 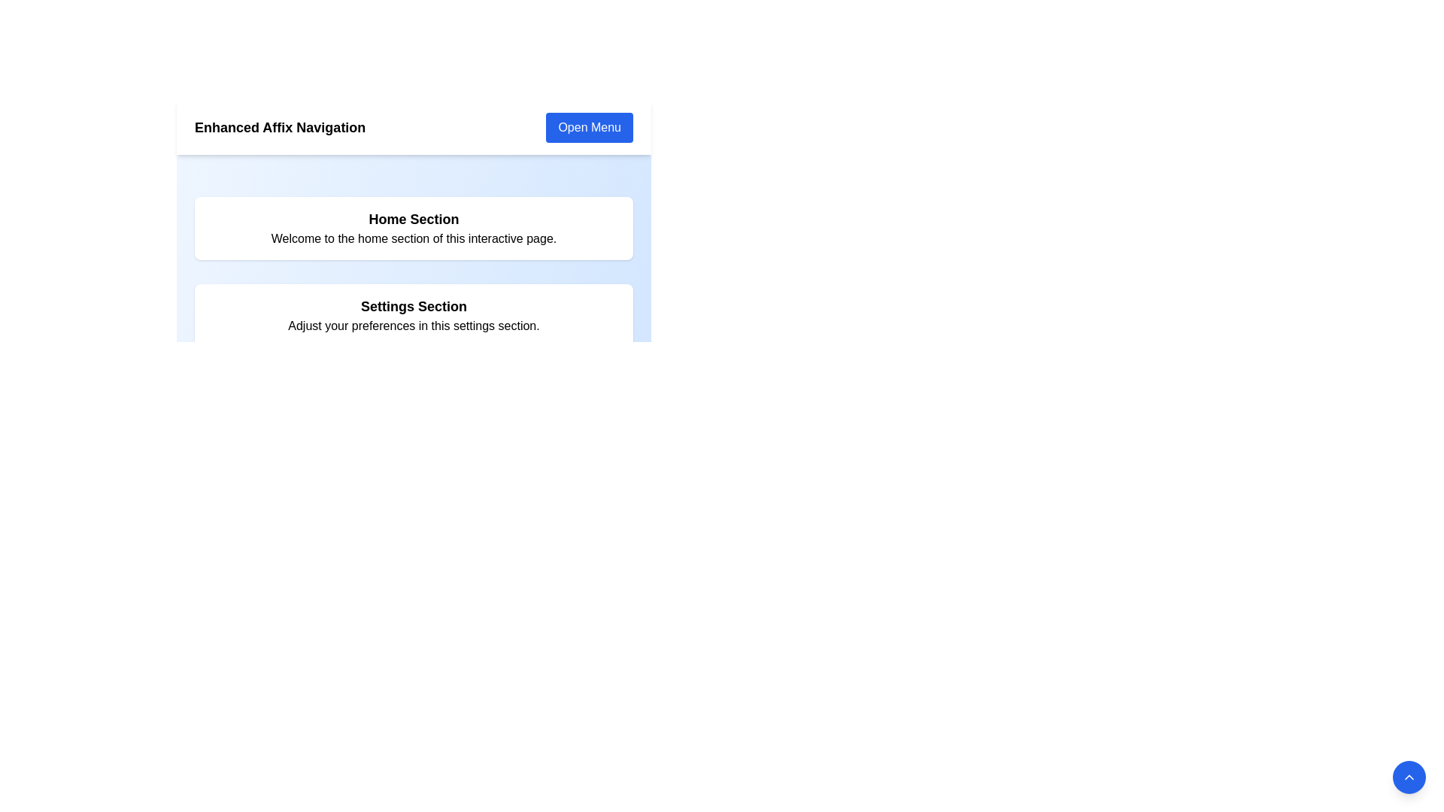 What do you see at coordinates (280, 126) in the screenshot?
I see `the large, bold text label 'Enhanced Affix Navigation' located in the top navigation bar` at bounding box center [280, 126].